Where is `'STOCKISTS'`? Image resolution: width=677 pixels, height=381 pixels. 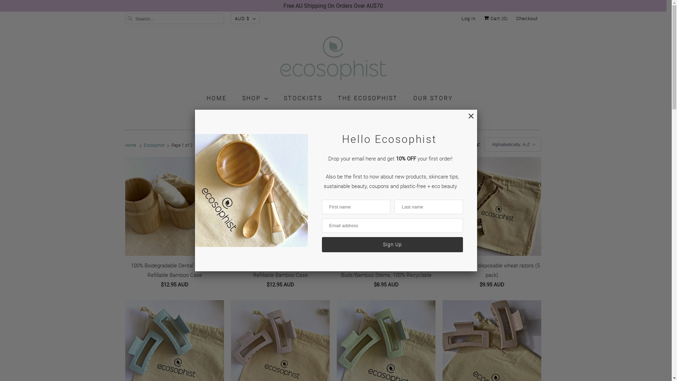 'STOCKISTS' is located at coordinates (303, 98).